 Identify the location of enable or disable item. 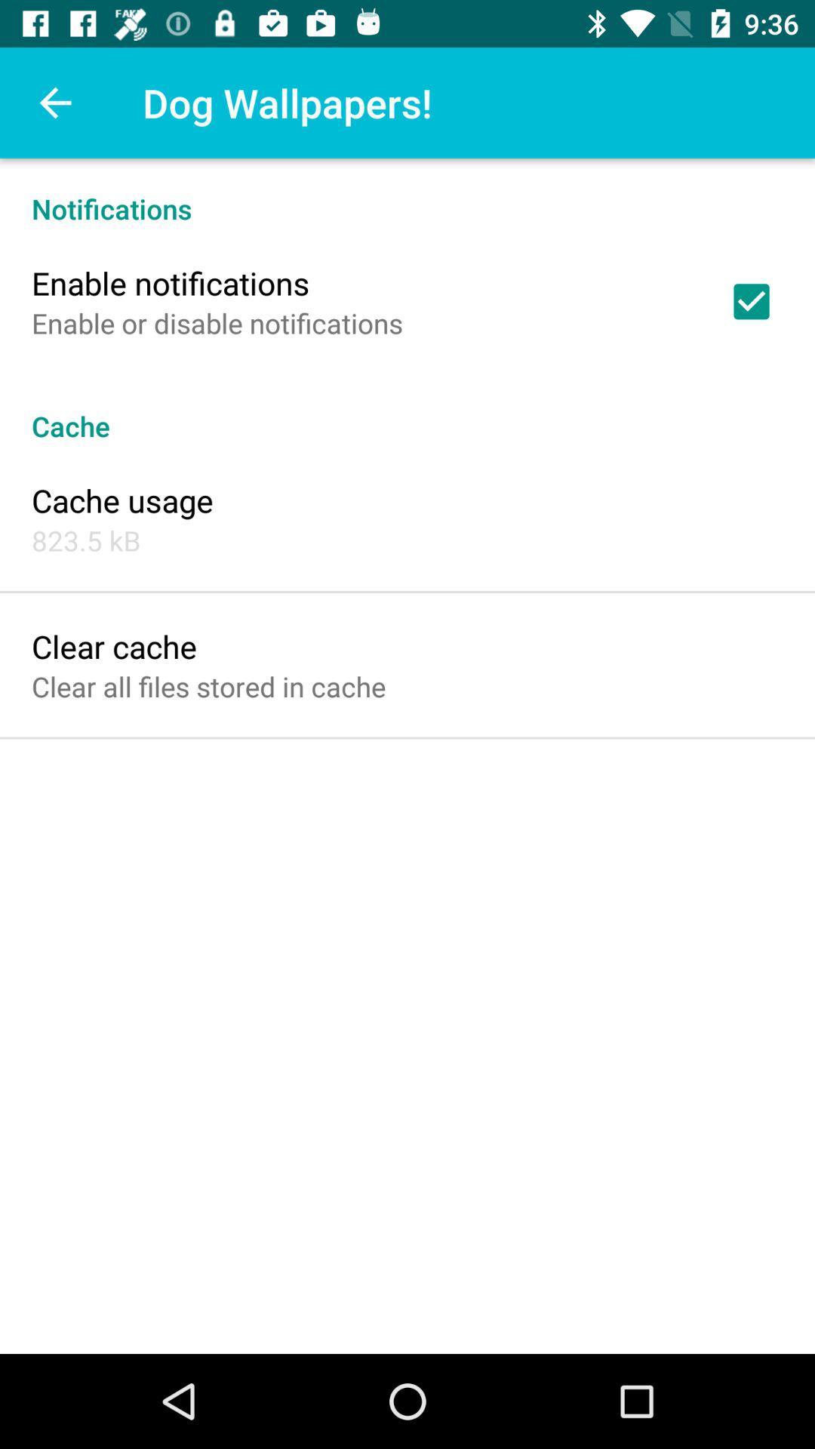
(217, 322).